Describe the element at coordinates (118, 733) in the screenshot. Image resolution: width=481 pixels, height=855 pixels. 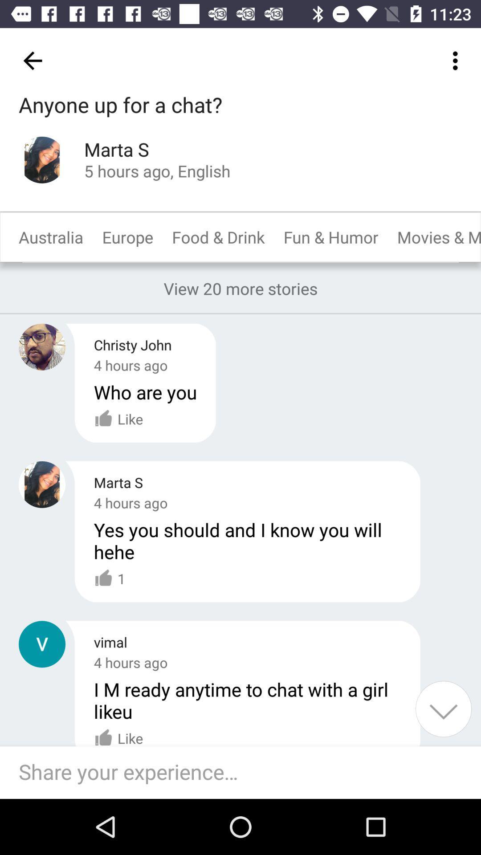
I see `move to the text which is below the text likeu` at that location.